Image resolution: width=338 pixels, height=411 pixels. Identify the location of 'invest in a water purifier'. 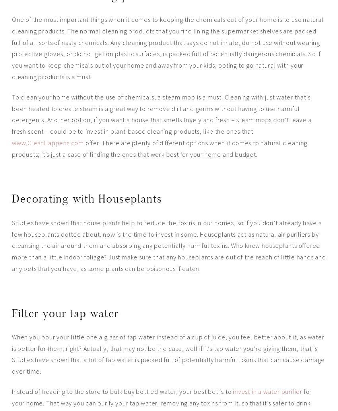
(233, 391).